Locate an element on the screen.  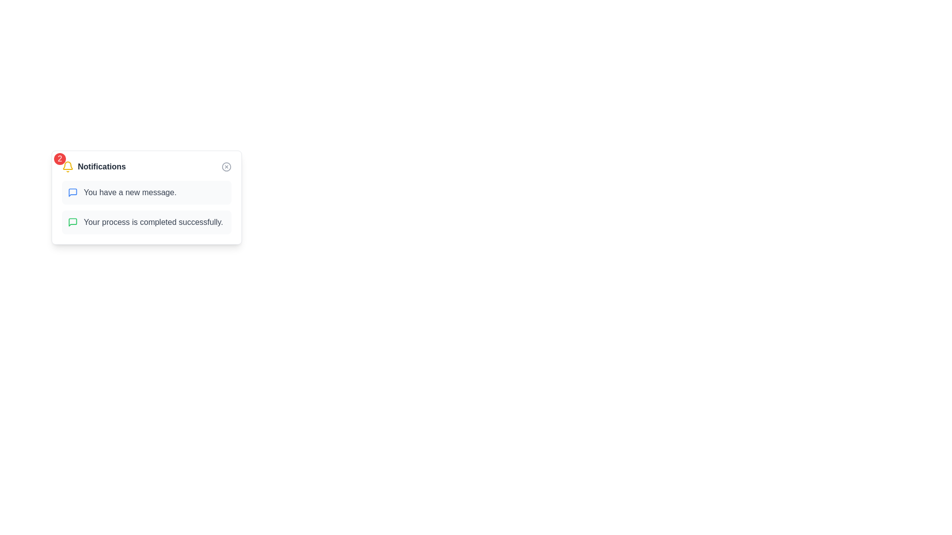
informational text displayed on the second notification card from the top in the notification panel, which indicates that a process has been completed successfully is located at coordinates (153, 221).